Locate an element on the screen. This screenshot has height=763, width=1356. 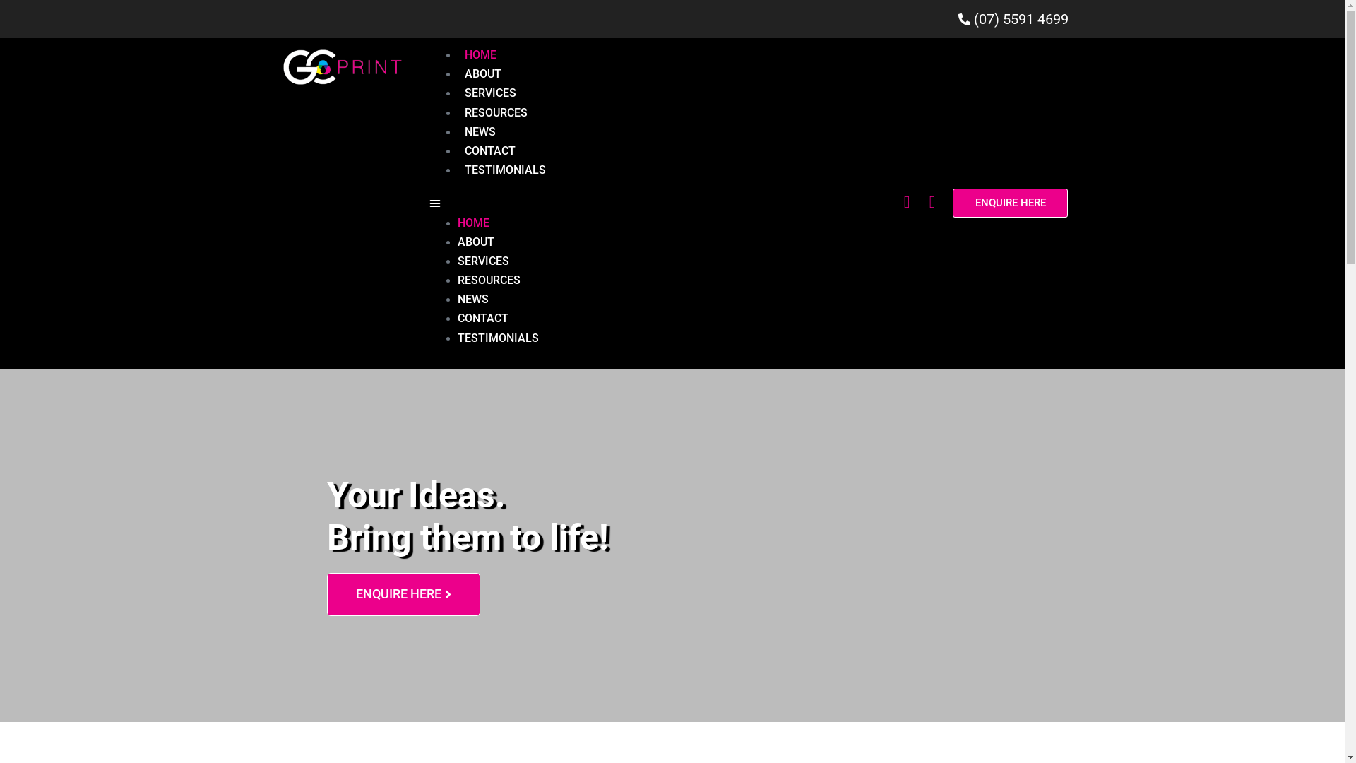
'CONTACT' is located at coordinates (490, 150).